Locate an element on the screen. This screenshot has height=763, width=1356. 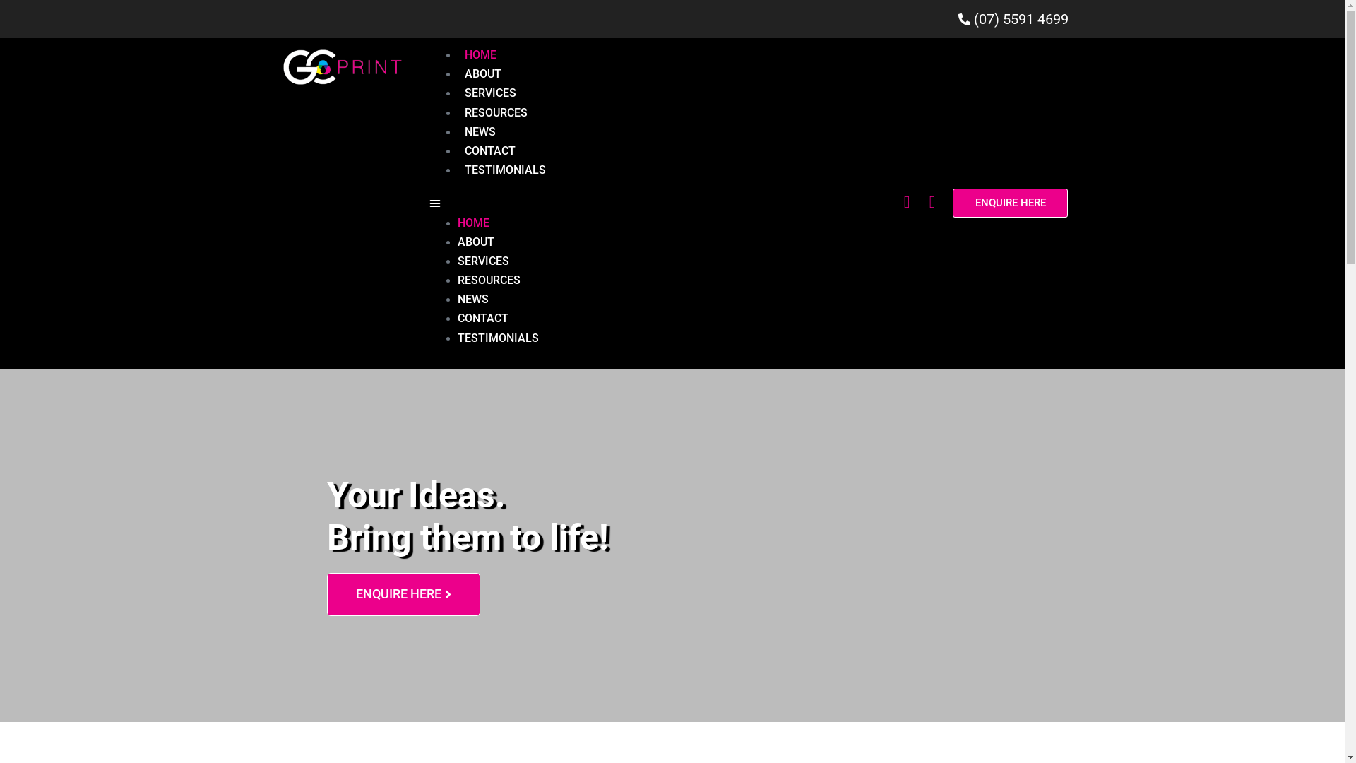
'CONTACT' is located at coordinates (490, 150).